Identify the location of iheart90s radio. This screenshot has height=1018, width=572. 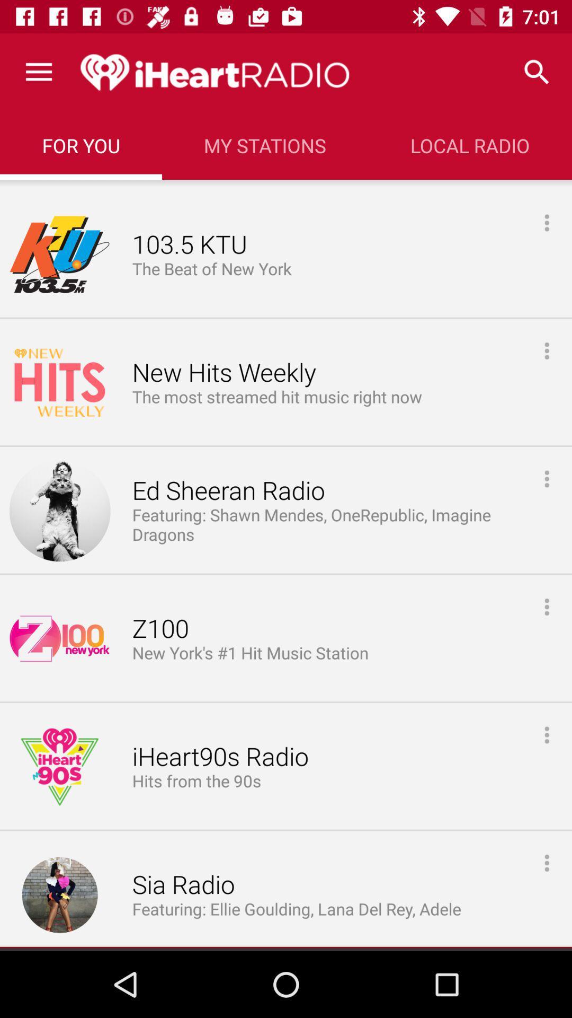
(220, 757).